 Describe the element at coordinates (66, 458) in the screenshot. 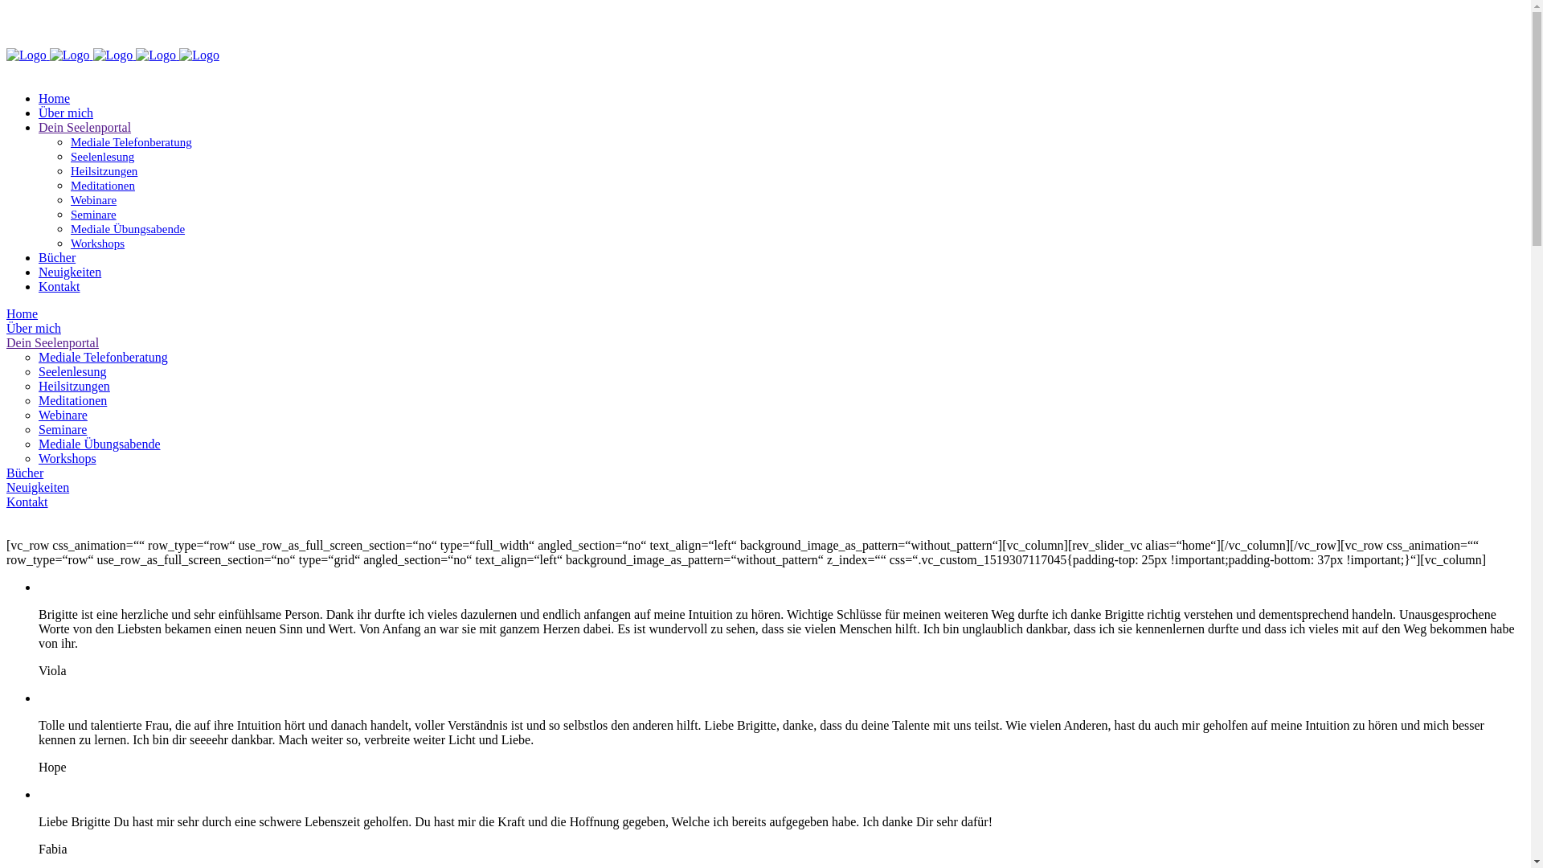

I see `'Workshops'` at that location.